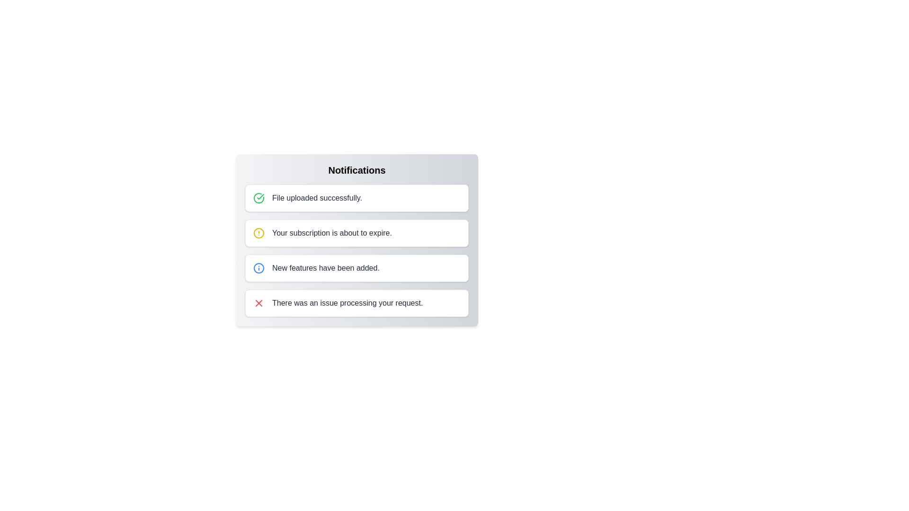  Describe the element at coordinates (259, 268) in the screenshot. I see `the blue circular icon located to the left of the text 'New features have been added' in the notification card` at that location.